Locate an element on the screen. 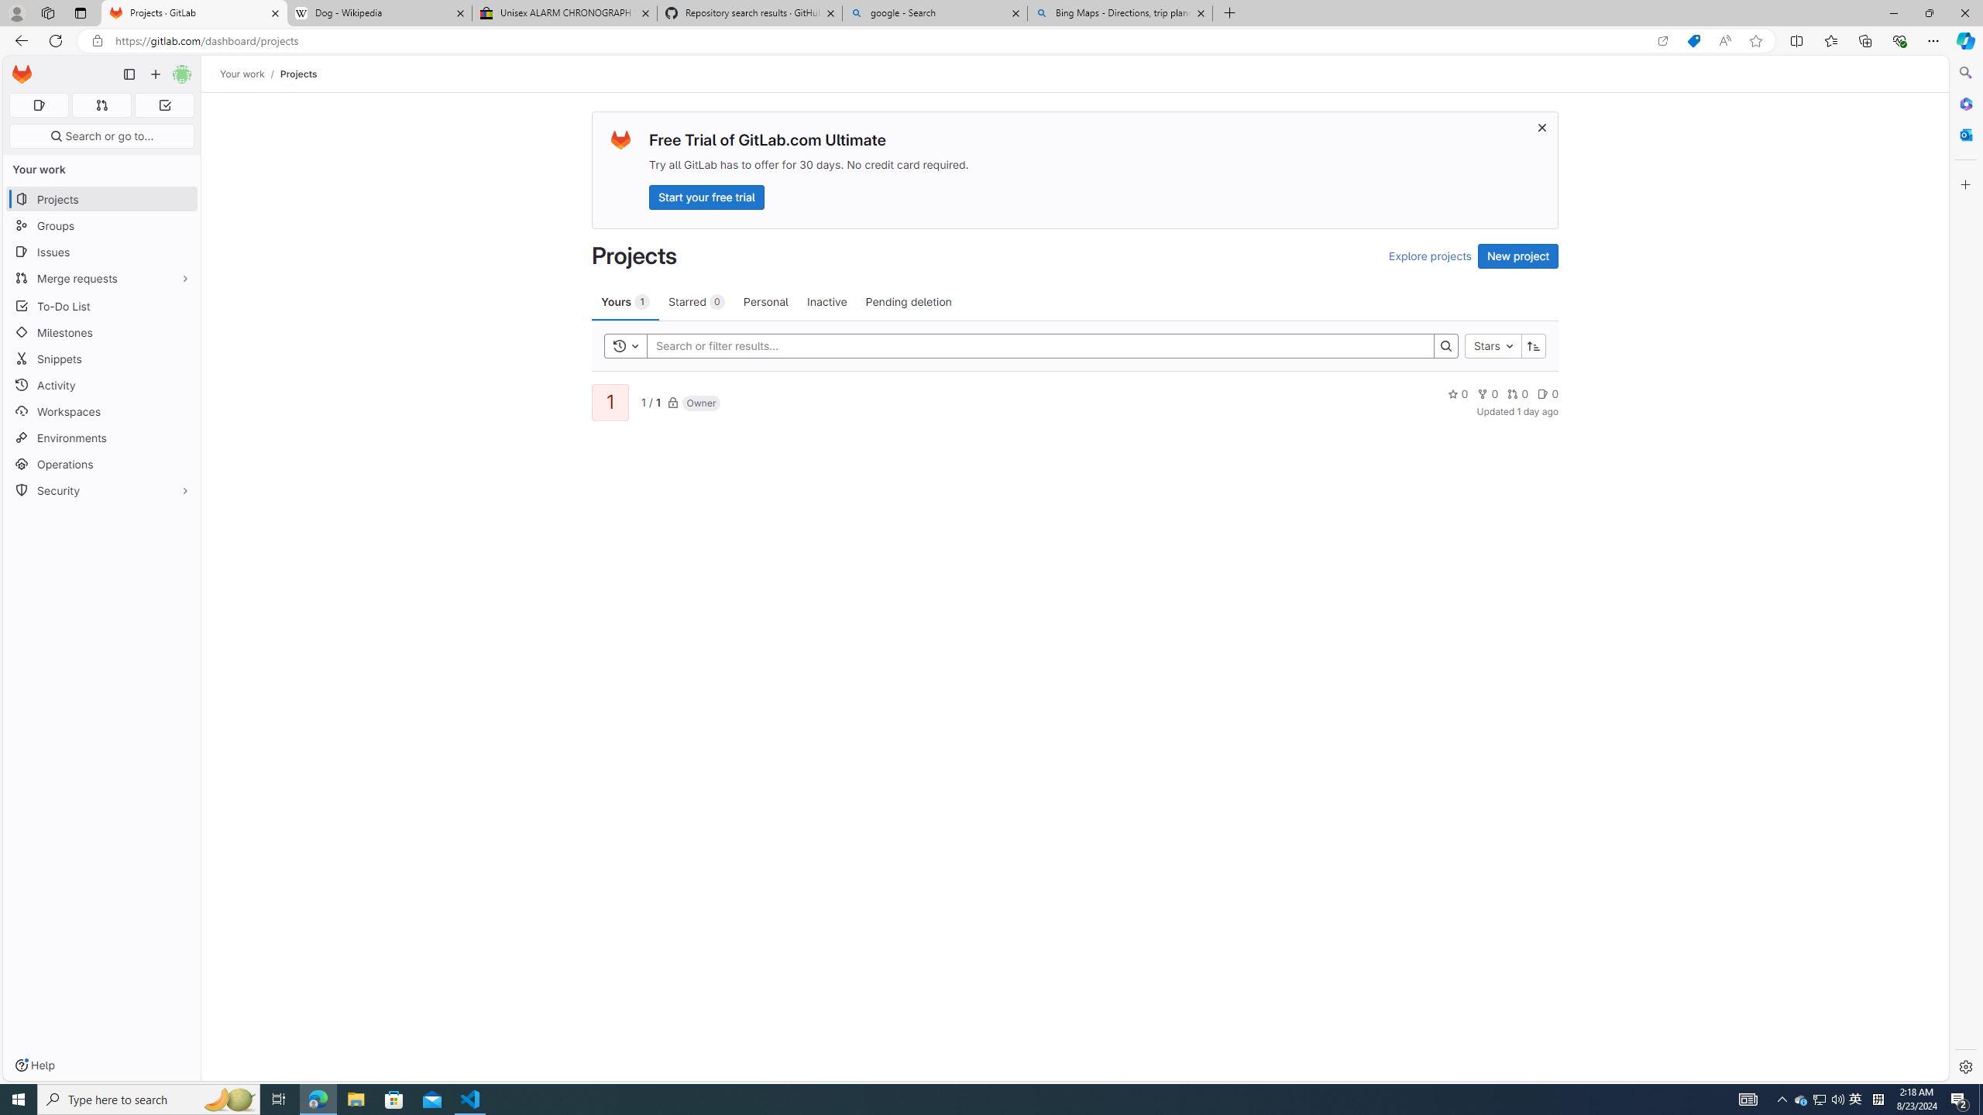 This screenshot has height=1115, width=1983. 'Merge requests' is located at coordinates (101, 278).